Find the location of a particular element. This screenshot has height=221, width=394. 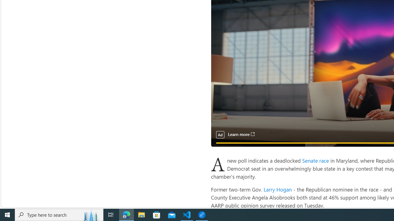

'Senate race ' is located at coordinates (316, 160).